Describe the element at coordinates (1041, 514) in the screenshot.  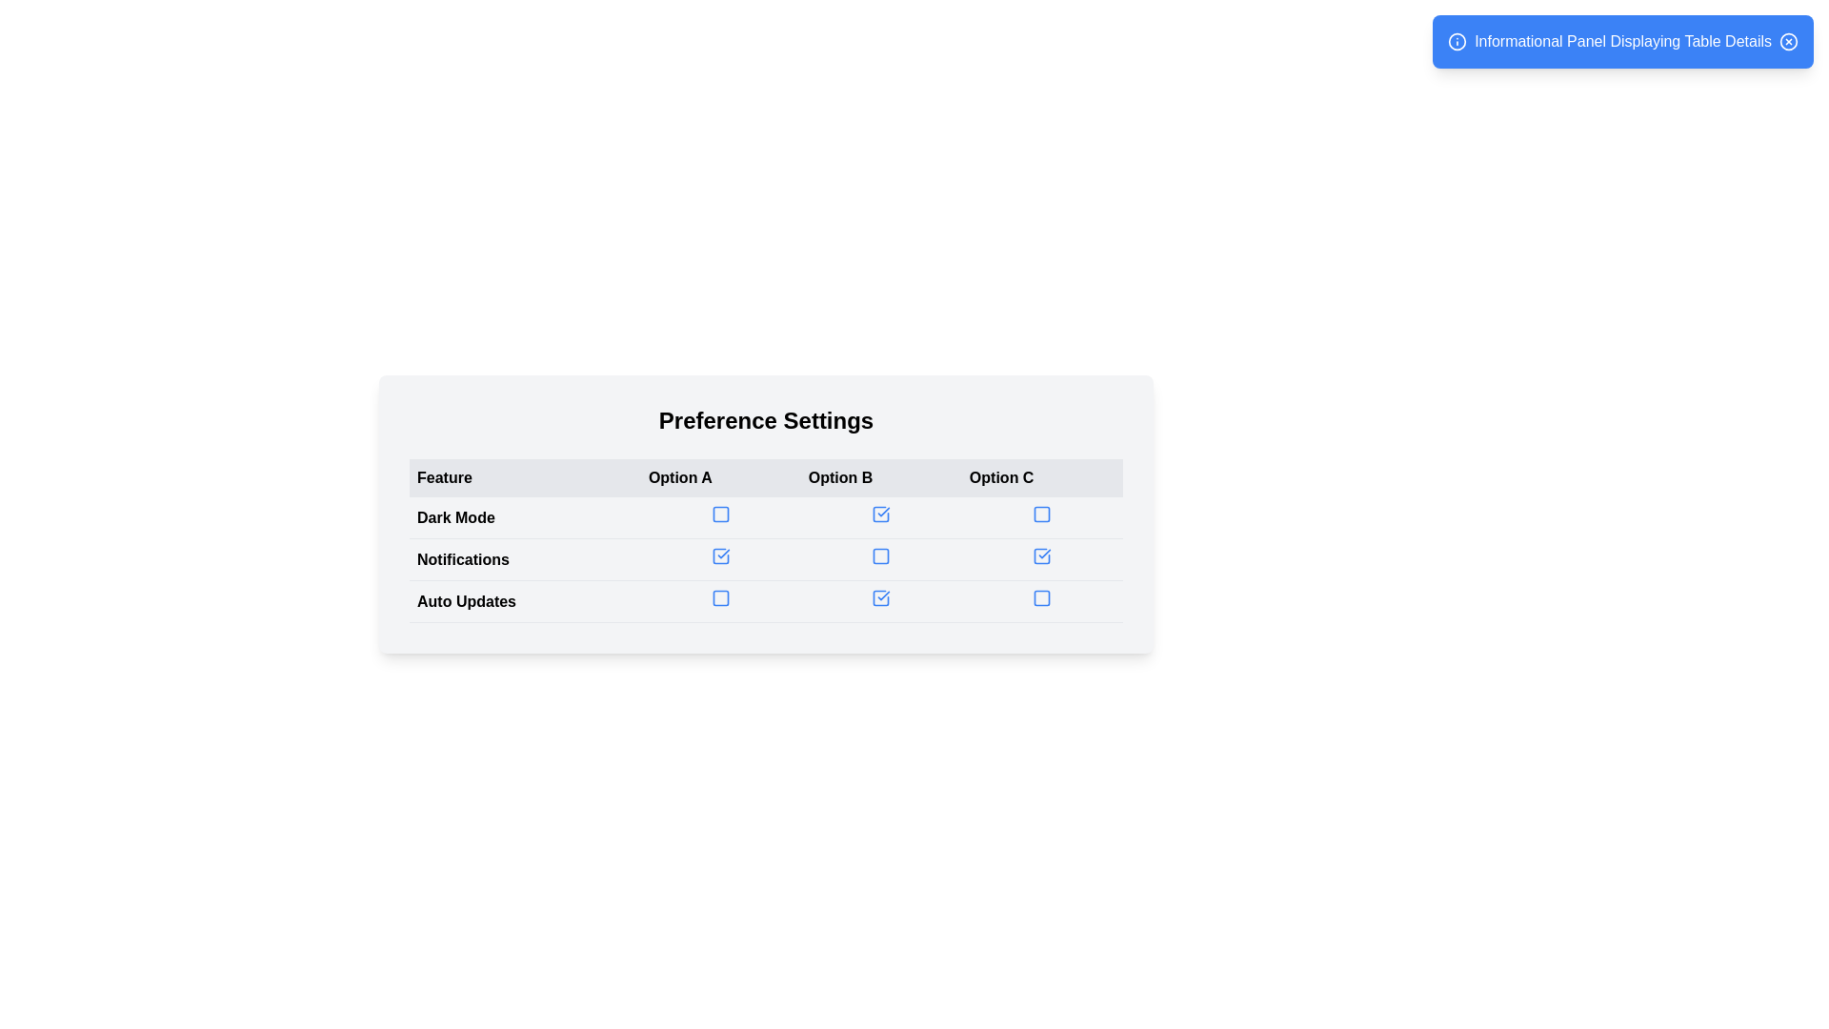
I see `the checkbox in the first row under the 'Dark Mode' feature in the 'Option C' column` at that location.